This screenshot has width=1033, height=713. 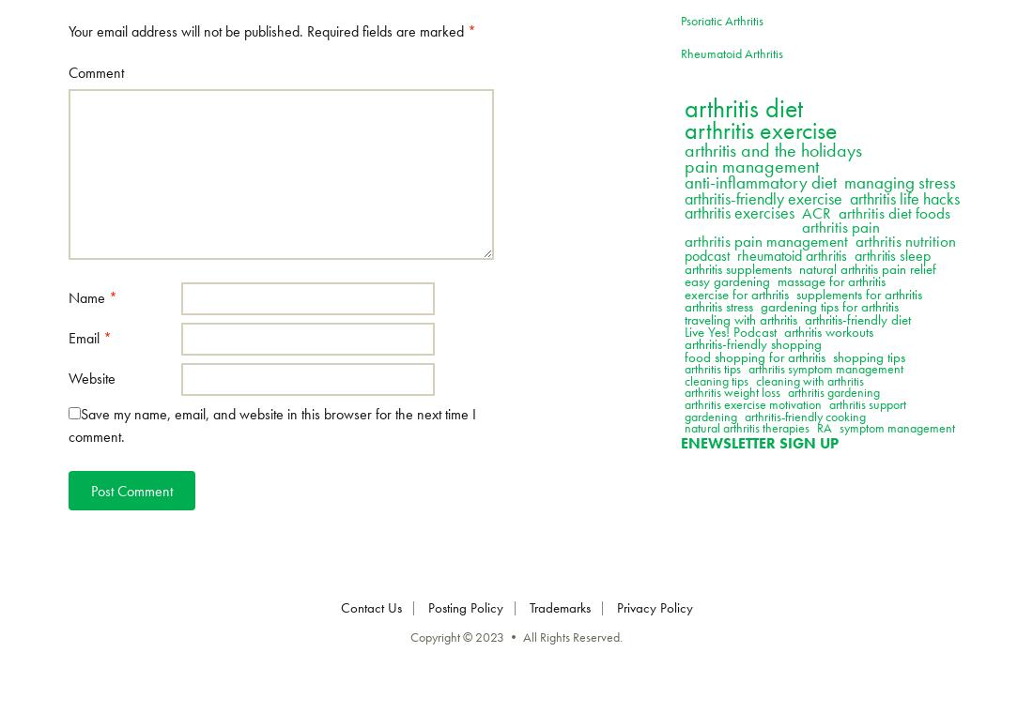 I want to click on 'Contact Us', so click(x=340, y=606).